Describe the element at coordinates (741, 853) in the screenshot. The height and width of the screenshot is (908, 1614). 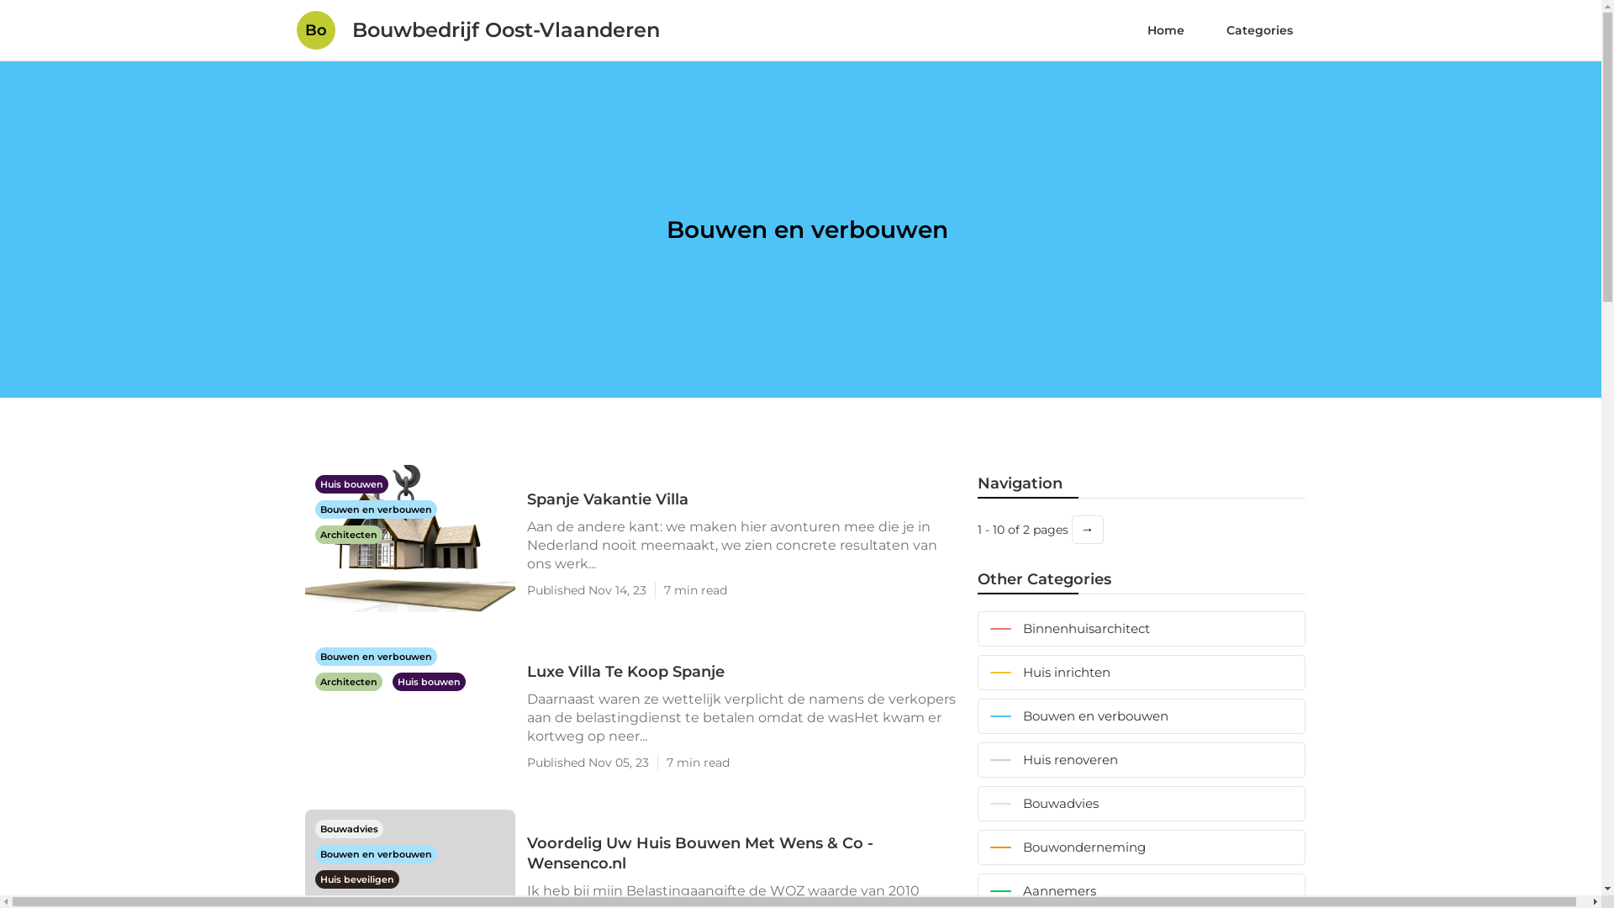
I see `'Voordelig Uw Huis Bouwen Met Wens & Co - Wensenco.nl'` at that location.